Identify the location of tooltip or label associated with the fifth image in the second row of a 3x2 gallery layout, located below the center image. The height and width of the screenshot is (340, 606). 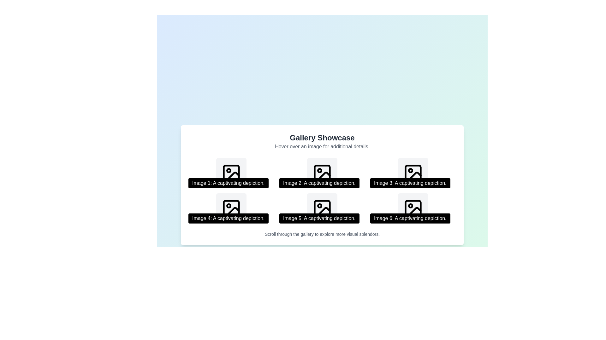
(319, 218).